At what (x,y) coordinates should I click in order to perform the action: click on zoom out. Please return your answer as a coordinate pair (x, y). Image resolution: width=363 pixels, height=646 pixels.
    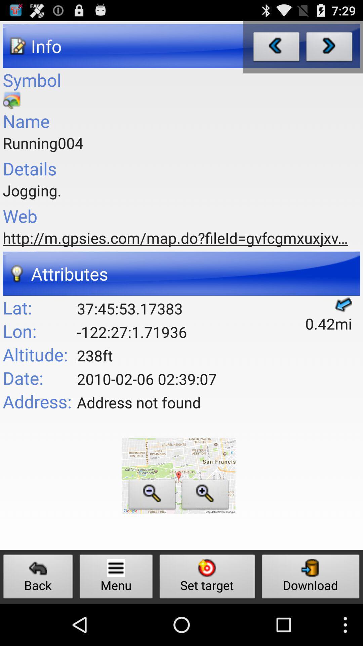
    Looking at the image, I should click on (152, 496).